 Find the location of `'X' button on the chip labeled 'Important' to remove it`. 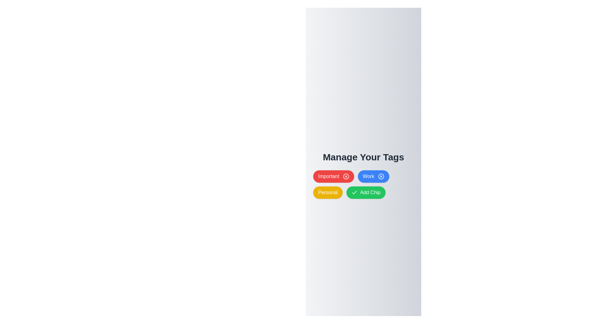

'X' button on the chip labeled 'Important' to remove it is located at coordinates (345, 176).